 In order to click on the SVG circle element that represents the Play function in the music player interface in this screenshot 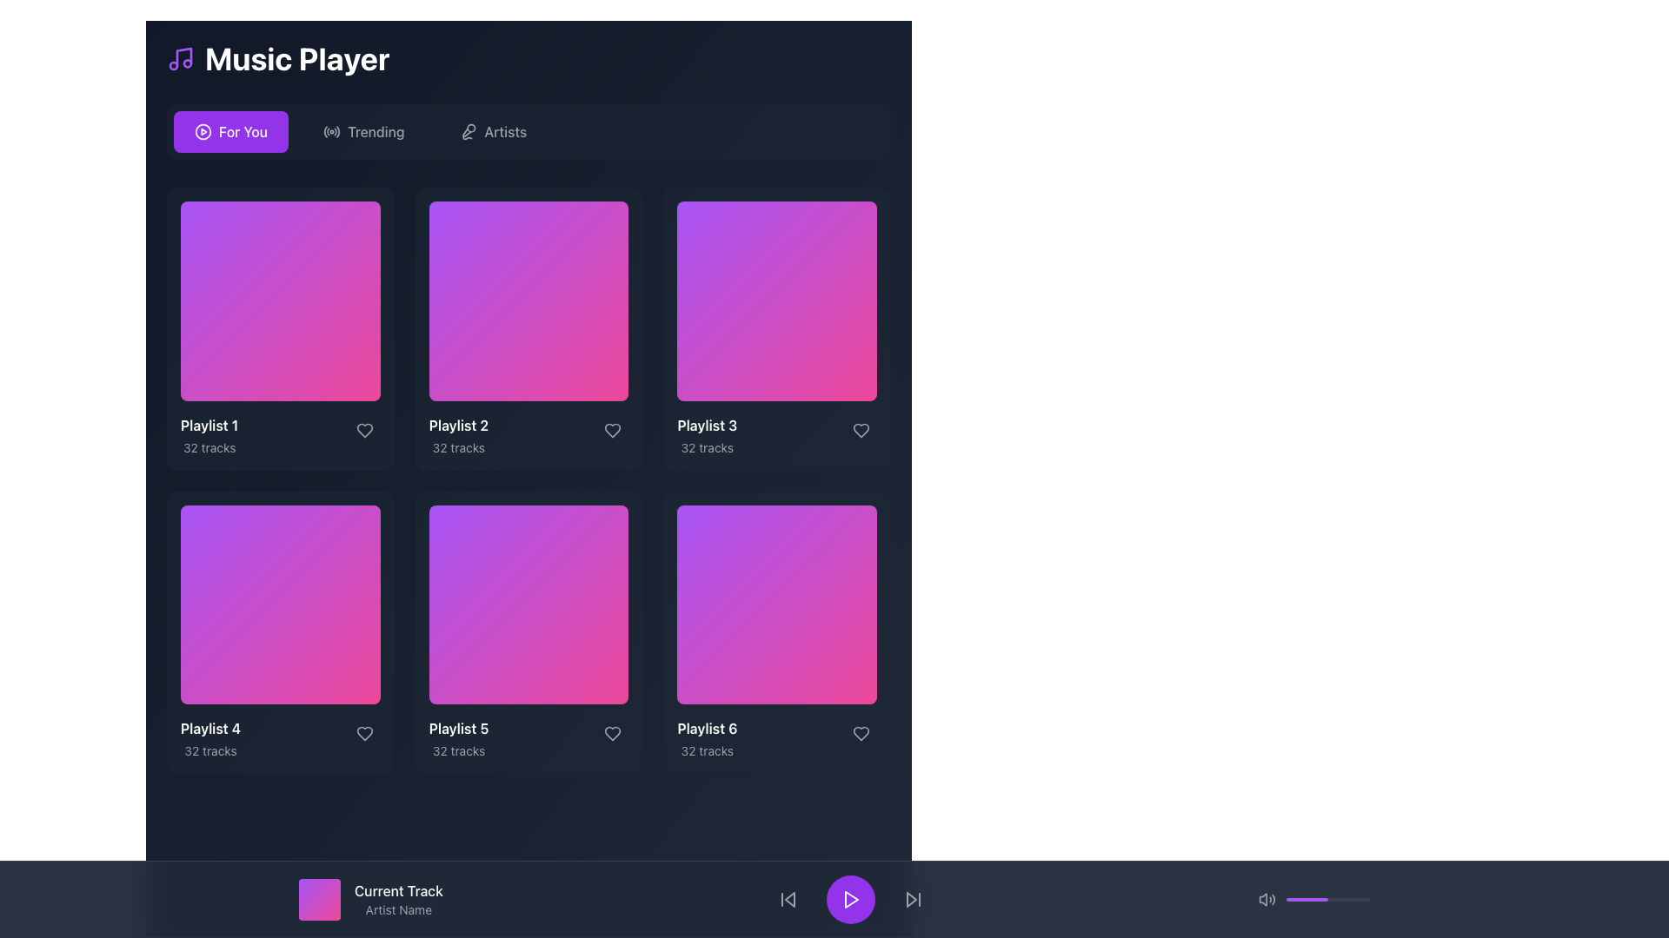, I will do `click(203, 130)`.